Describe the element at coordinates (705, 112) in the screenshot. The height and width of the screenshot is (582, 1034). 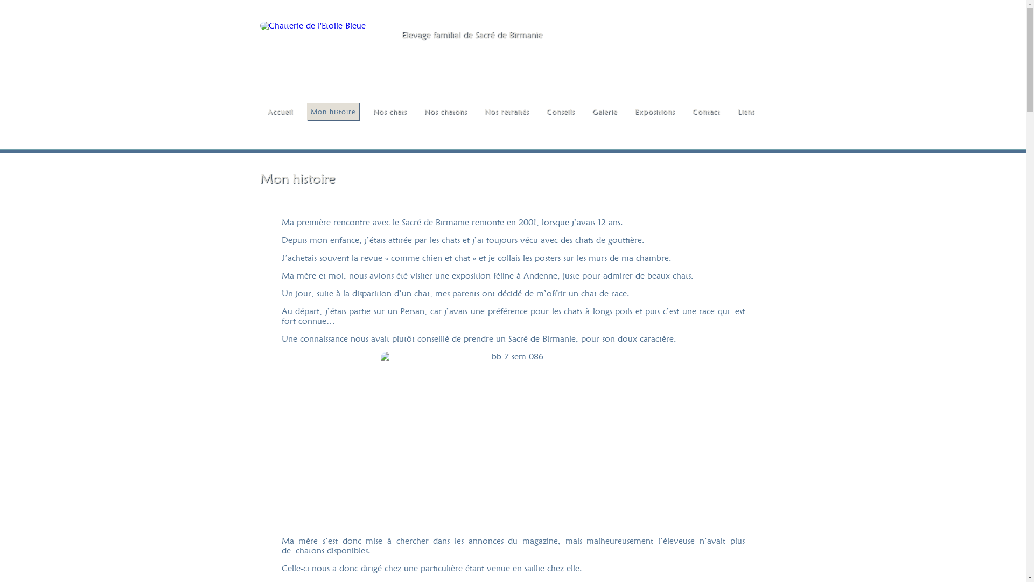
I see `'Contact'` at that location.